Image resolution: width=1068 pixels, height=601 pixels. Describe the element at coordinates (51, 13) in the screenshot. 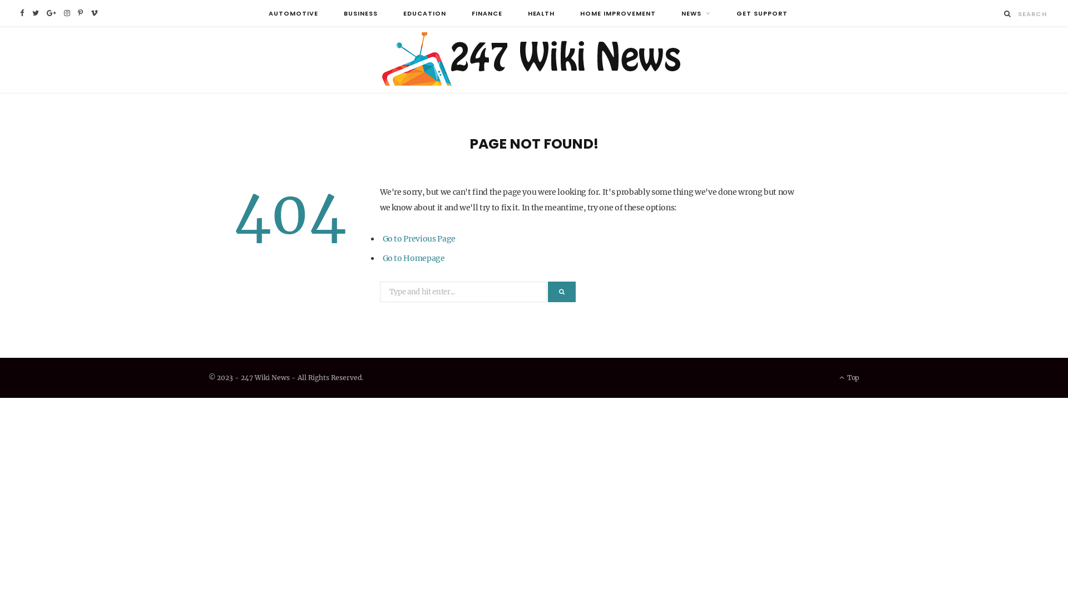

I see `'Google Plus'` at that location.